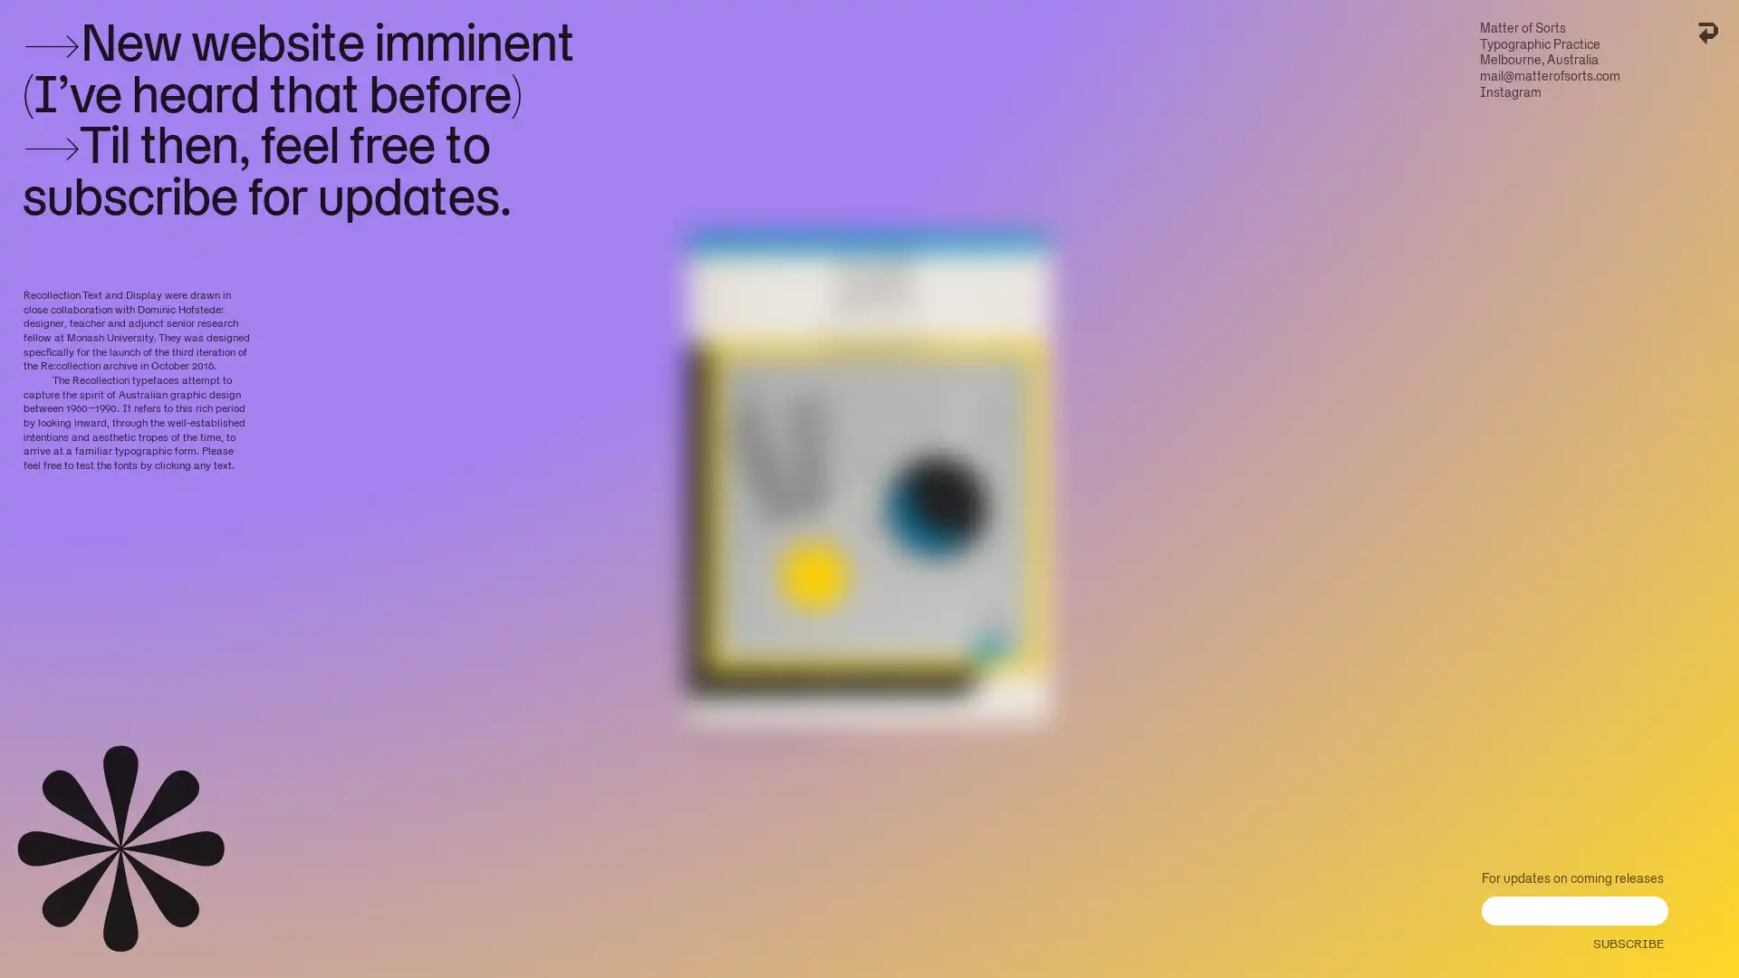 The height and width of the screenshot is (978, 1739). What do you see at coordinates (1626, 938) in the screenshot?
I see `Subscribe` at bounding box center [1626, 938].